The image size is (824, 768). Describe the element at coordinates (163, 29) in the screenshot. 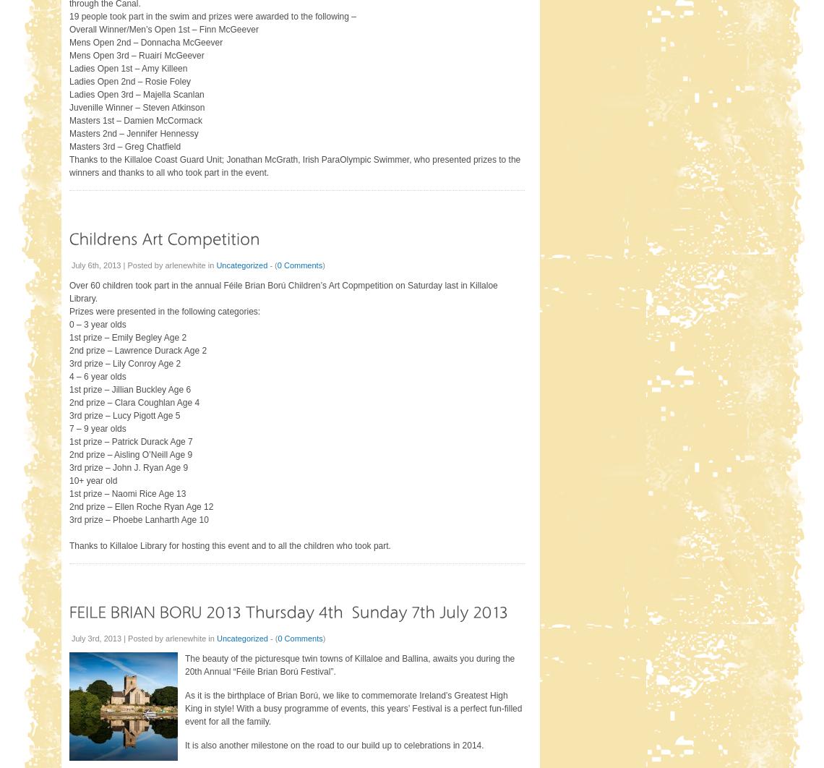

I see `'Overall Winner/Men’s Open 1st – Finn McGeever'` at that location.